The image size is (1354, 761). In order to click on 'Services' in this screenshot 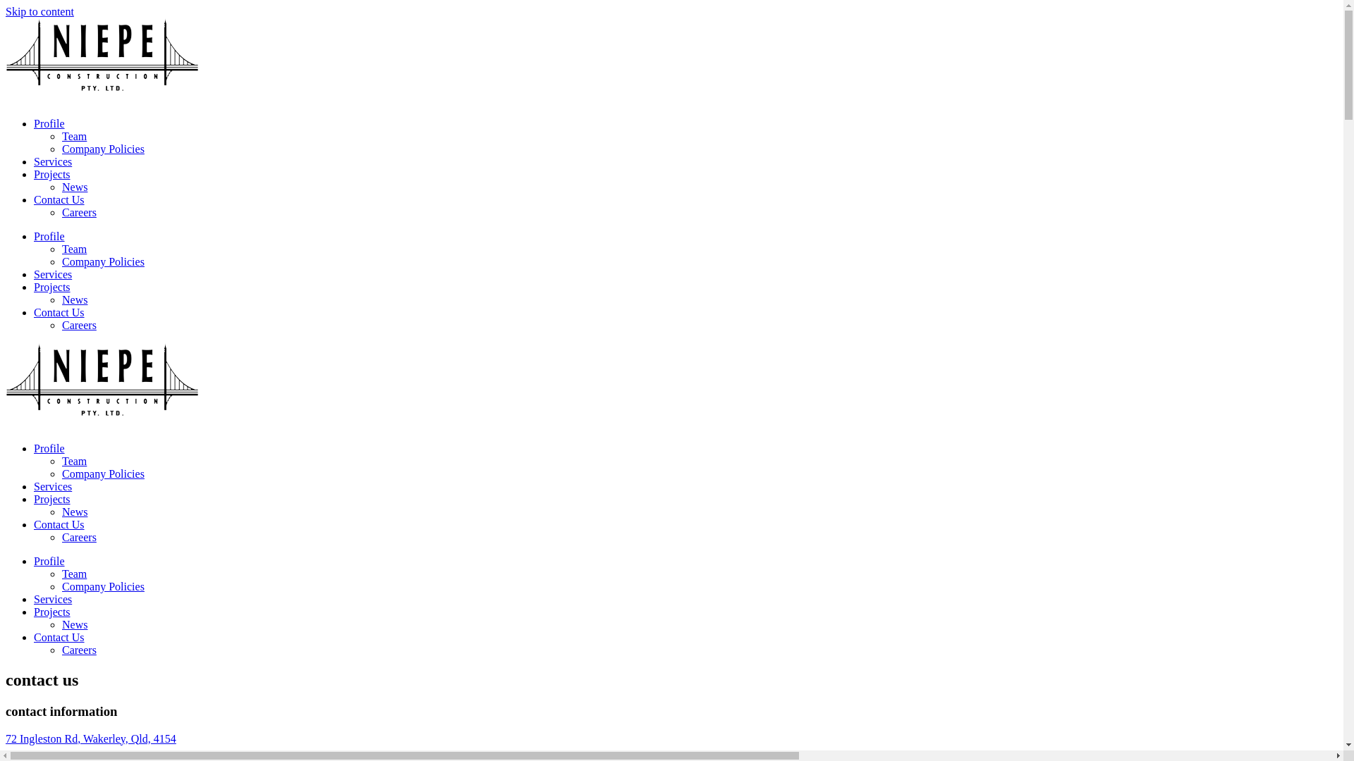, I will do `click(53, 161)`.